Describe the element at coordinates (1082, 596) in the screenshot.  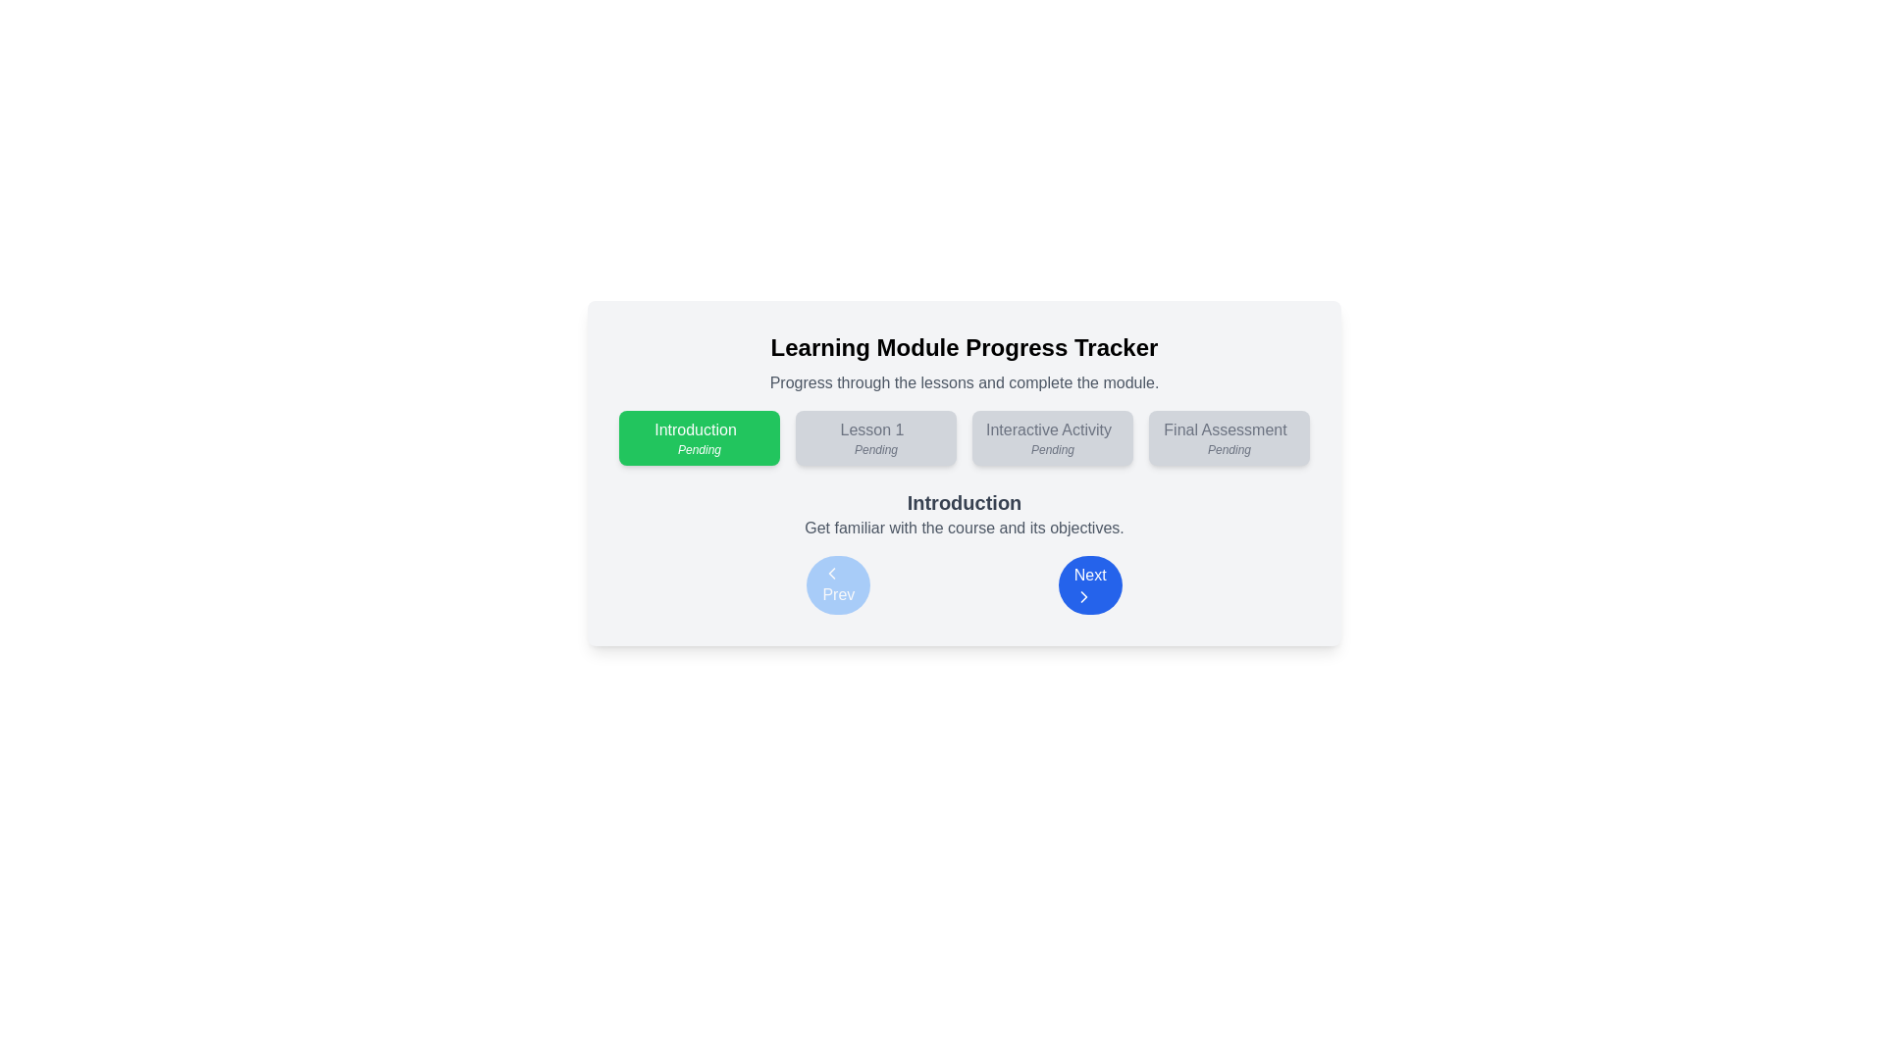
I see `the SVG icon embedded in the 'Next' button, which is located on the lower right side of the interface, signaling forward navigation` at that location.